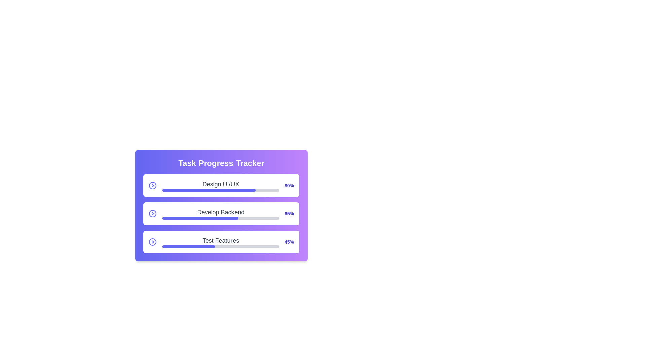  What do you see at coordinates (221, 214) in the screenshot?
I see `the 'Develop Backend' label which displays the progress of 65% in a task tracker interface` at bounding box center [221, 214].